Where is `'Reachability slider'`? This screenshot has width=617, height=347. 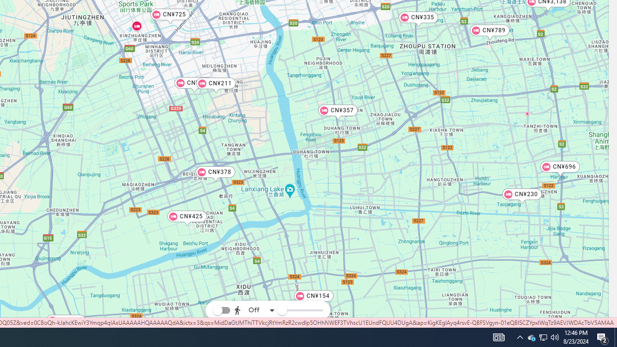 'Reachability slider' is located at coordinates (281, 310).